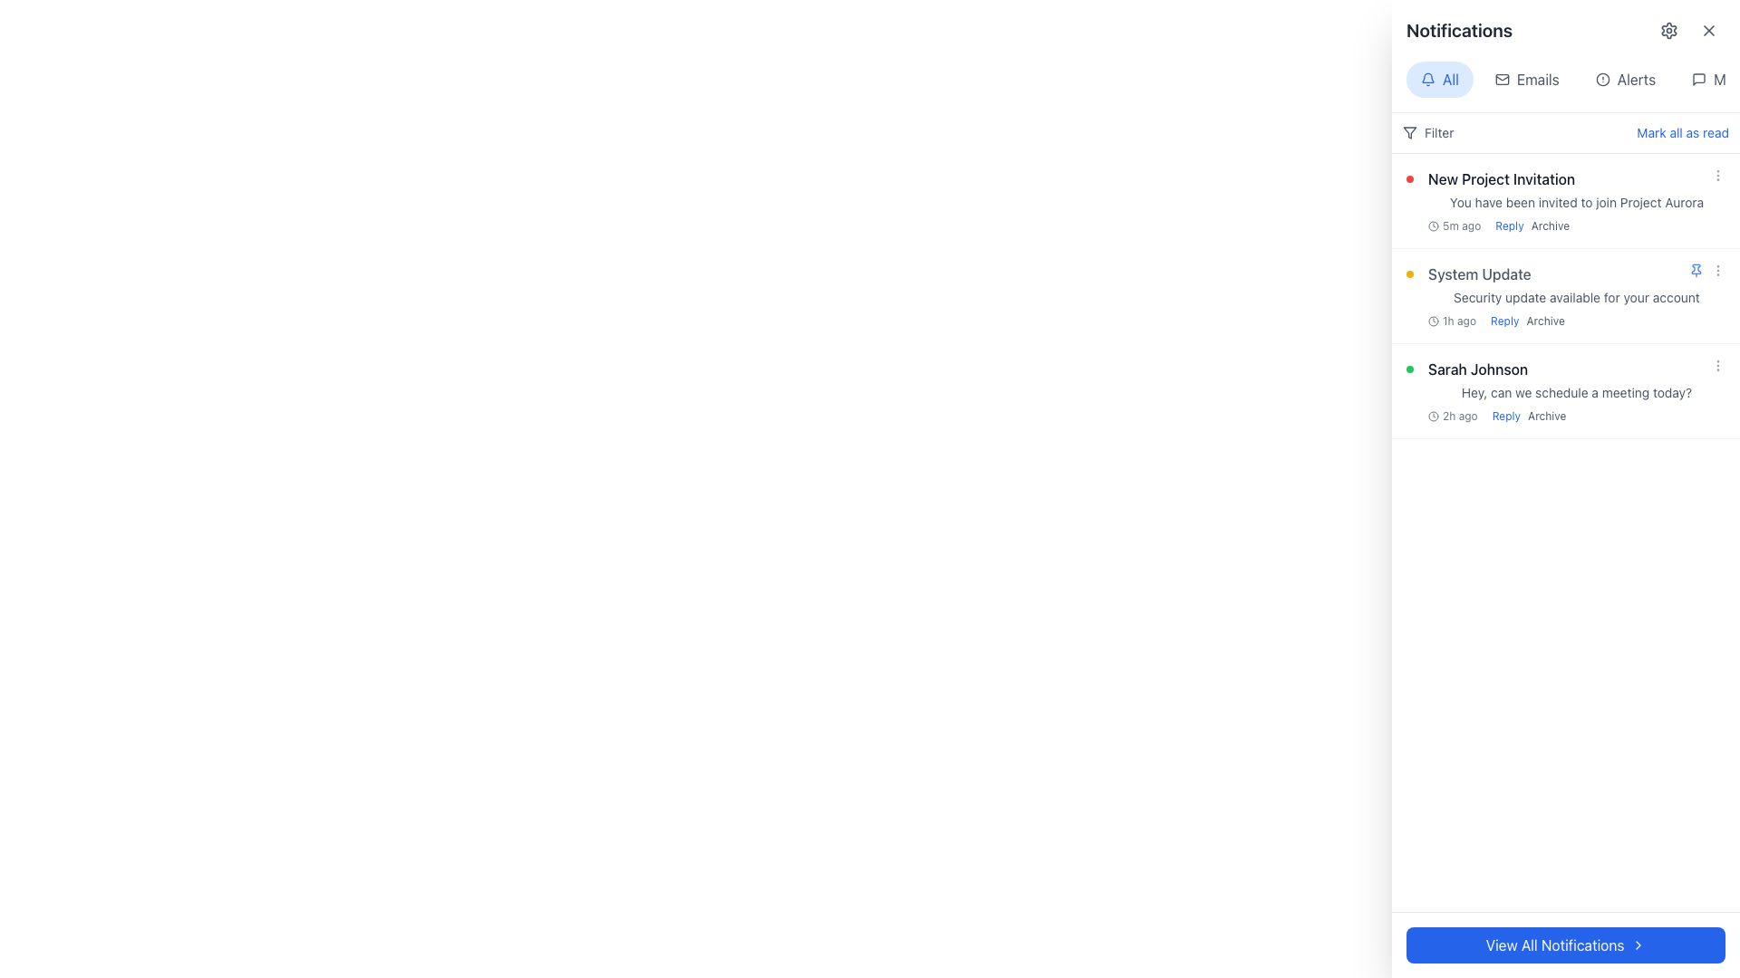 The width and height of the screenshot is (1740, 978). I want to click on the leftmost button in the horizontal group of two icons at the top-right corner of the notifications panel, so click(1668, 31).